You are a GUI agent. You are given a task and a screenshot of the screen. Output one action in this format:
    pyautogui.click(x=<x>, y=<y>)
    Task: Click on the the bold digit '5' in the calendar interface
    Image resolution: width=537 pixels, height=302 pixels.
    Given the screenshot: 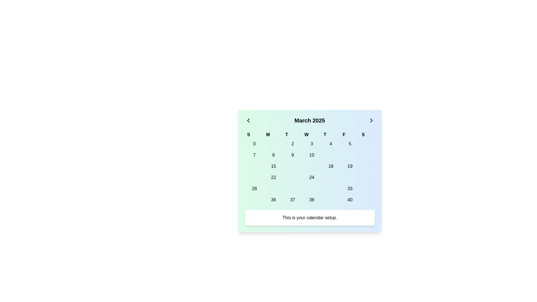 What is the action you would take?
    pyautogui.click(x=350, y=144)
    